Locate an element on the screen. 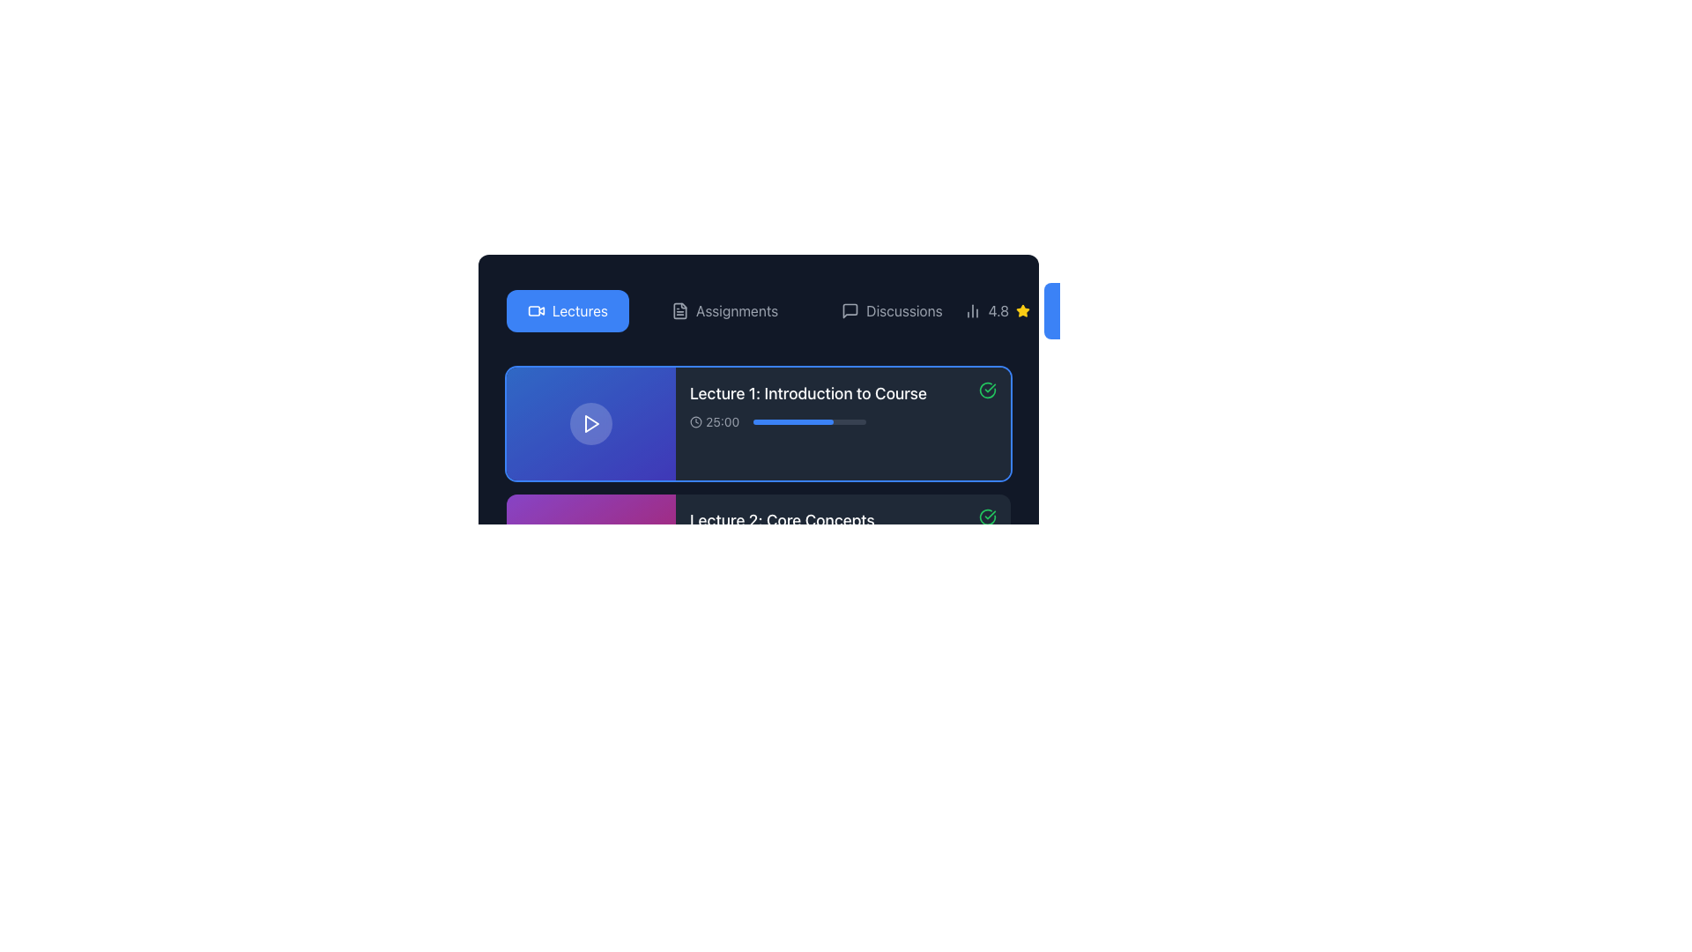 This screenshot has height=952, width=1692. the slider is located at coordinates (792, 421).